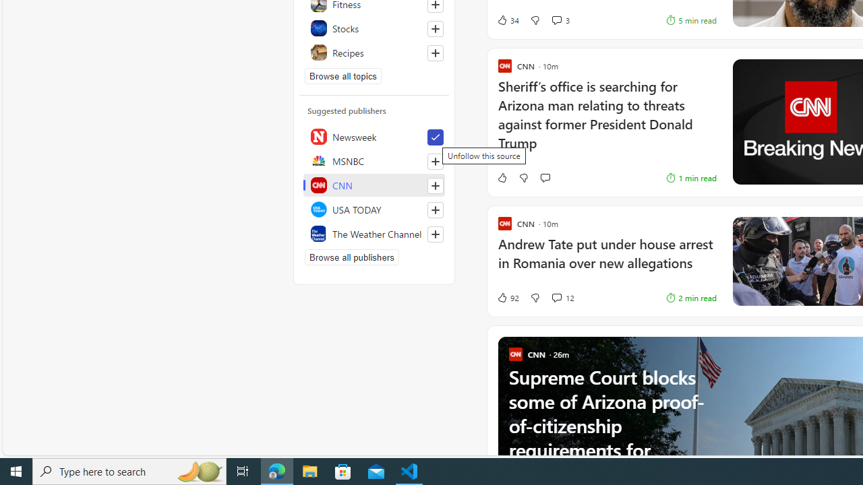 Image resolution: width=863 pixels, height=485 pixels. I want to click on 'View comments 3 Comment', so click(556, 20).